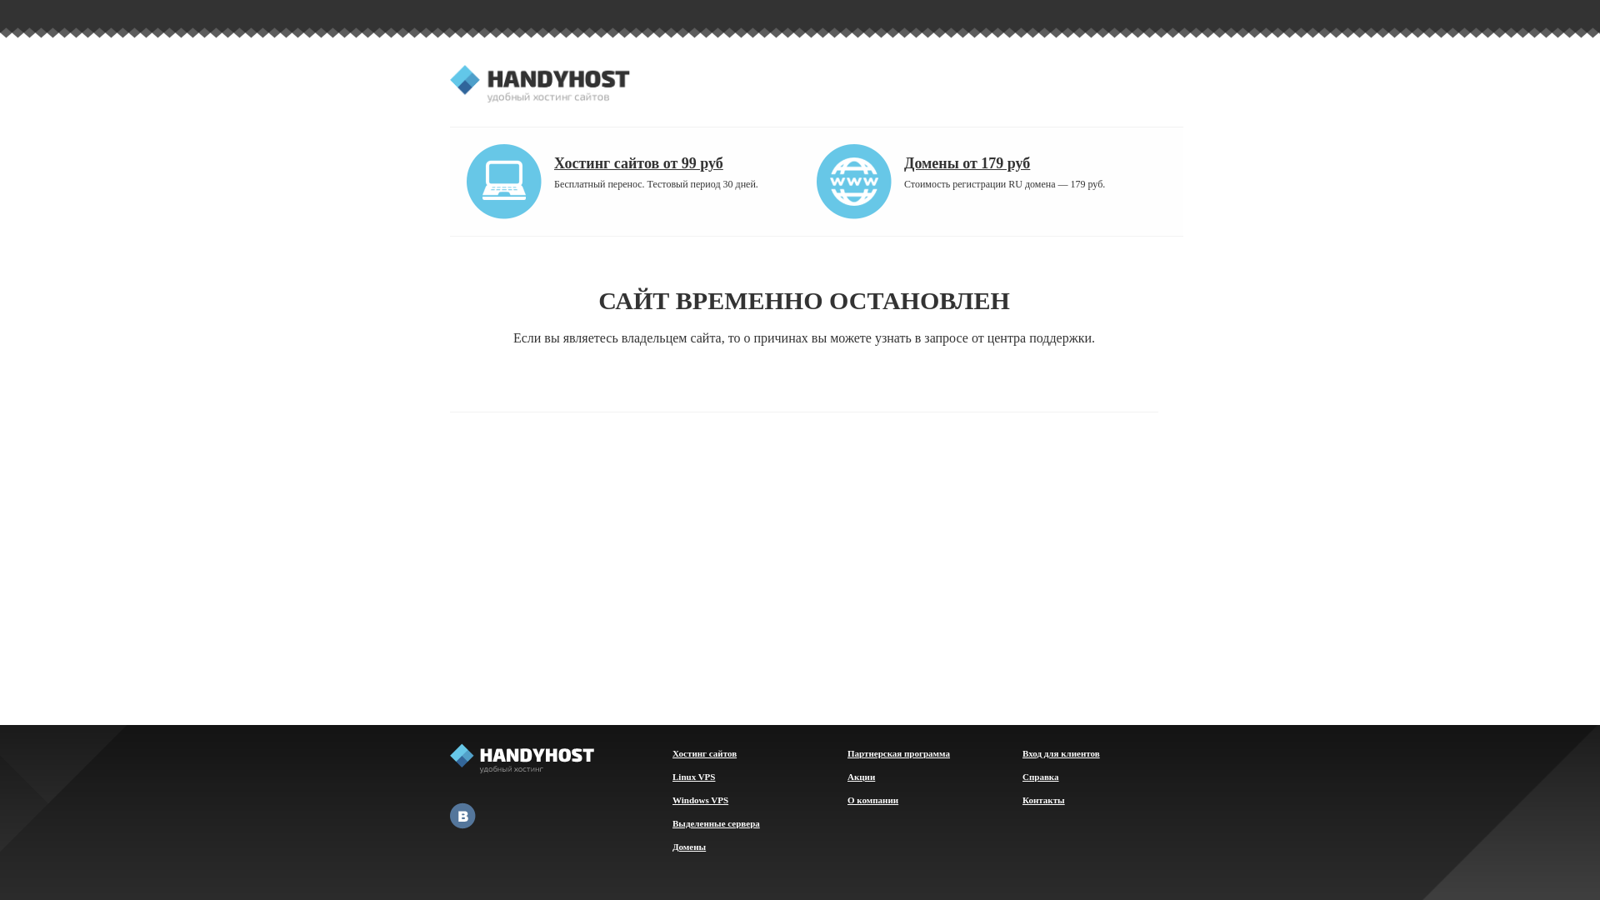  I want to click on 'HandyHost.ru', so click(449, 85).